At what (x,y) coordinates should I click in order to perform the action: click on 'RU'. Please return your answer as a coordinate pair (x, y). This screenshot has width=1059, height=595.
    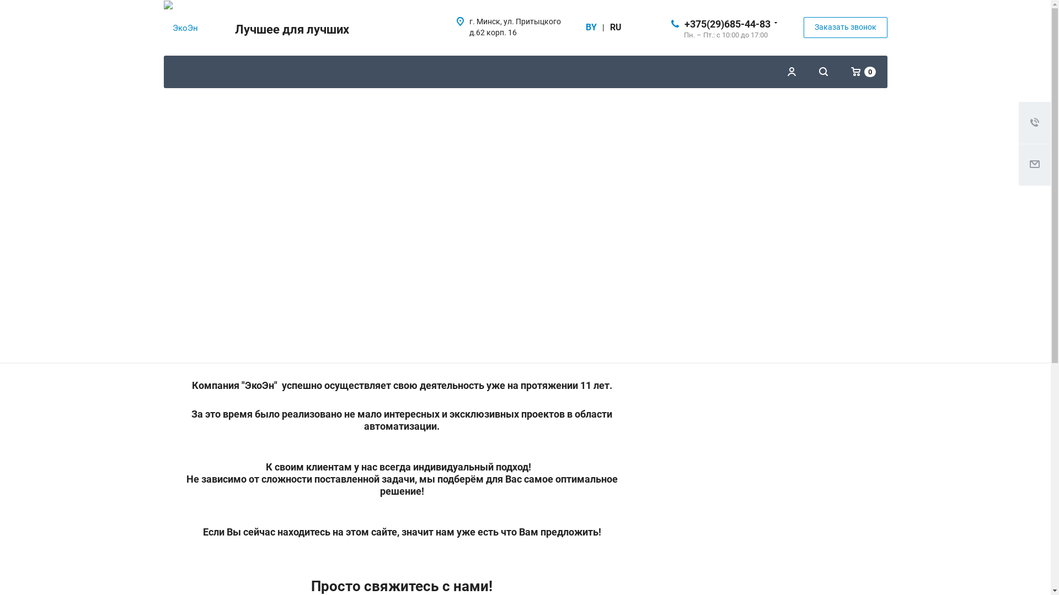
    Looking at the image, I should click on (615, 27).